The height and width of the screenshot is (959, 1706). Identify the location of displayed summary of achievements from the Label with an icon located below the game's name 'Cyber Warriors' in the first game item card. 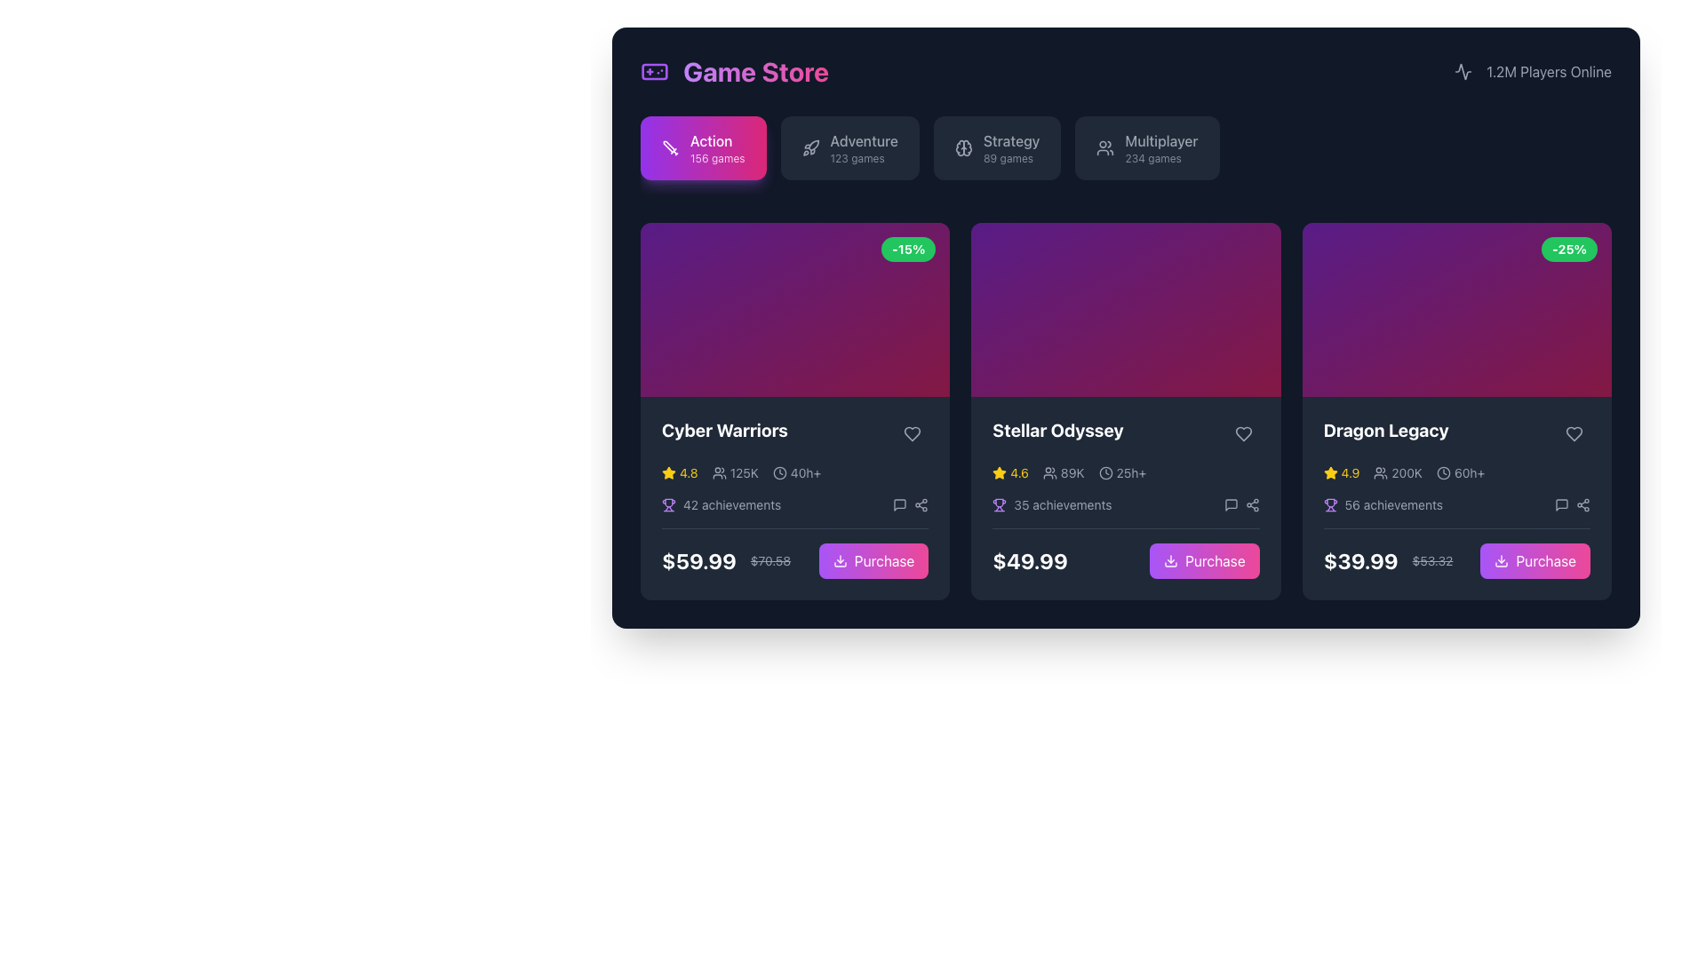
(721, 504).